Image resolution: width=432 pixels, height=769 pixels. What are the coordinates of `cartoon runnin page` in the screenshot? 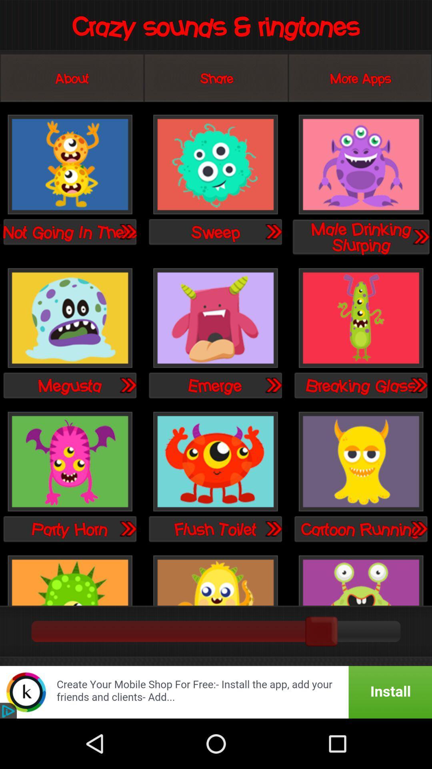 It's located at (418, 529).